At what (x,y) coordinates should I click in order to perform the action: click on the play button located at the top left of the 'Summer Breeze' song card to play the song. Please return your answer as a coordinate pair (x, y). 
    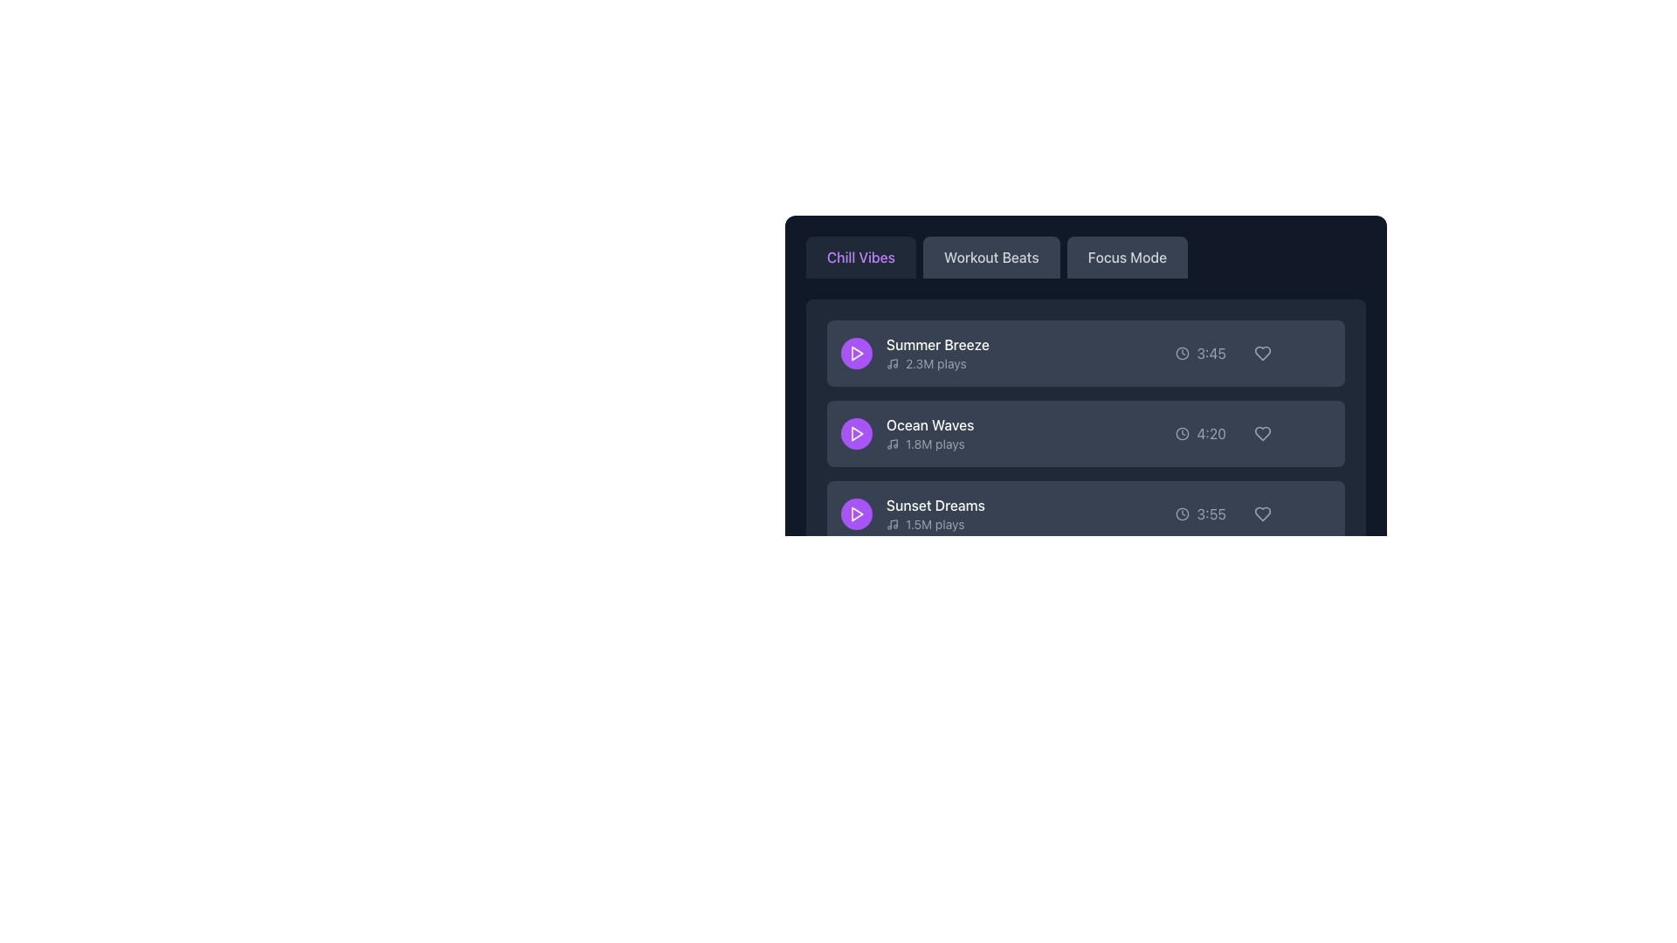
    Looking at the image, I should click on (856, 354).